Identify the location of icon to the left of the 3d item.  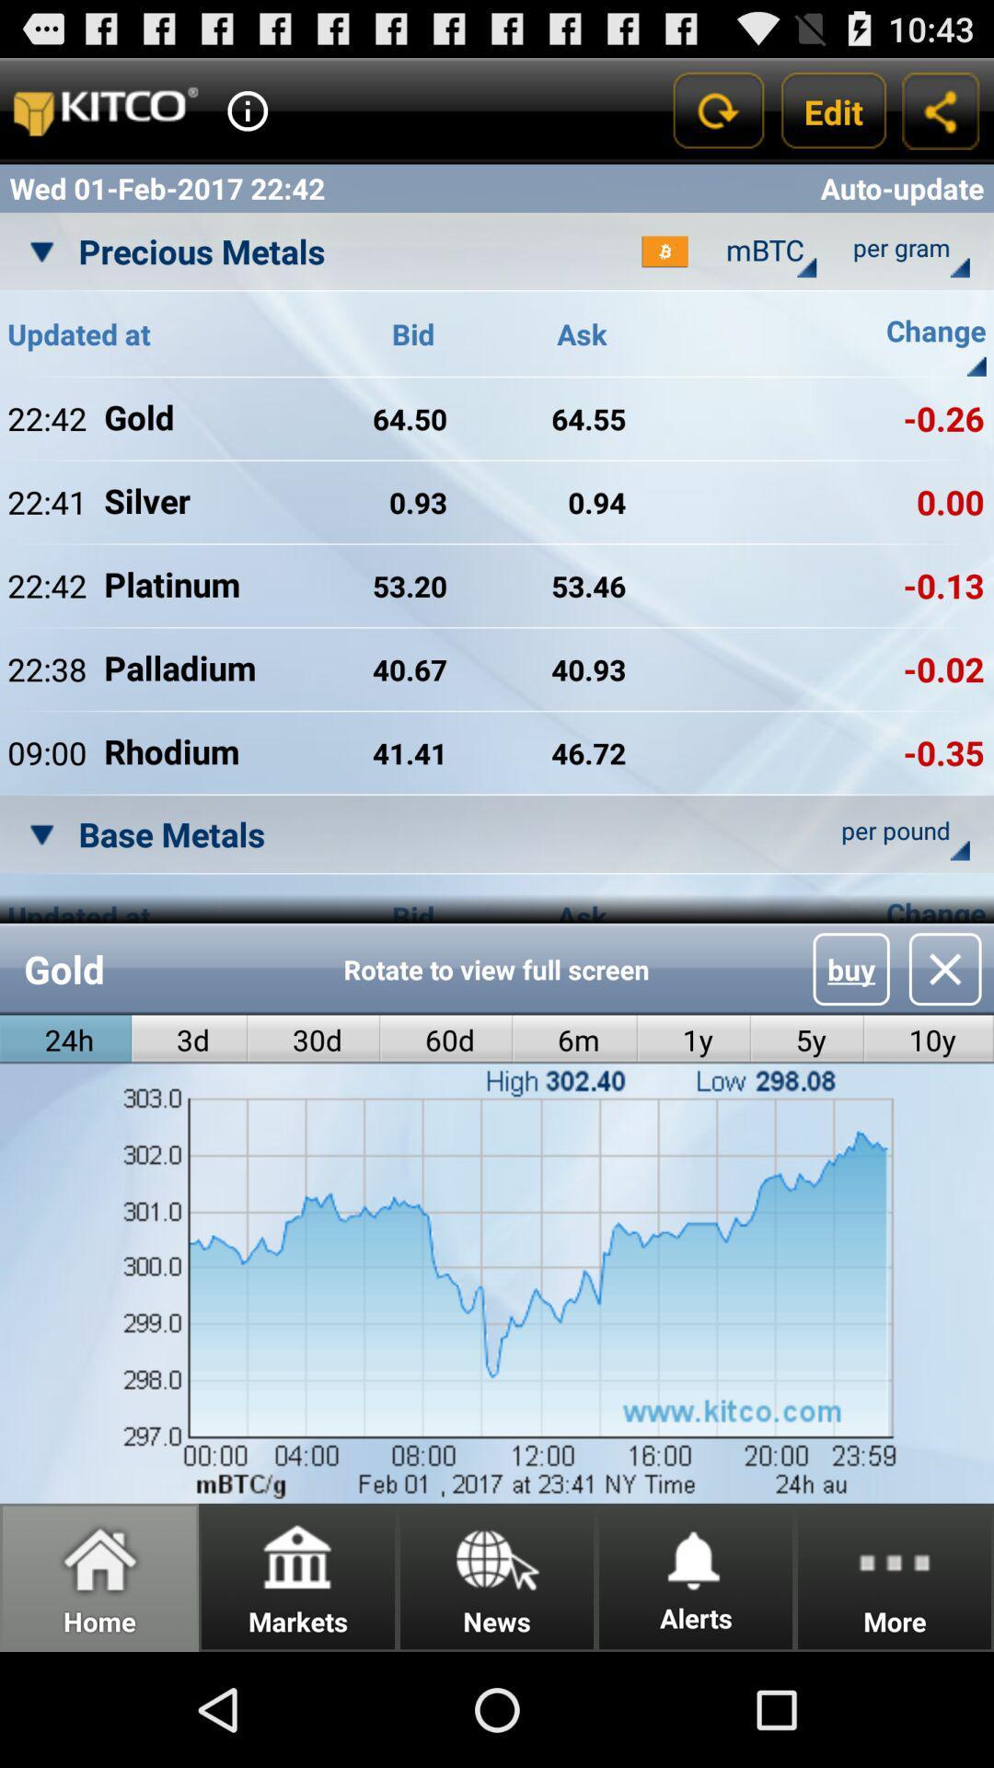
(64, 1040).